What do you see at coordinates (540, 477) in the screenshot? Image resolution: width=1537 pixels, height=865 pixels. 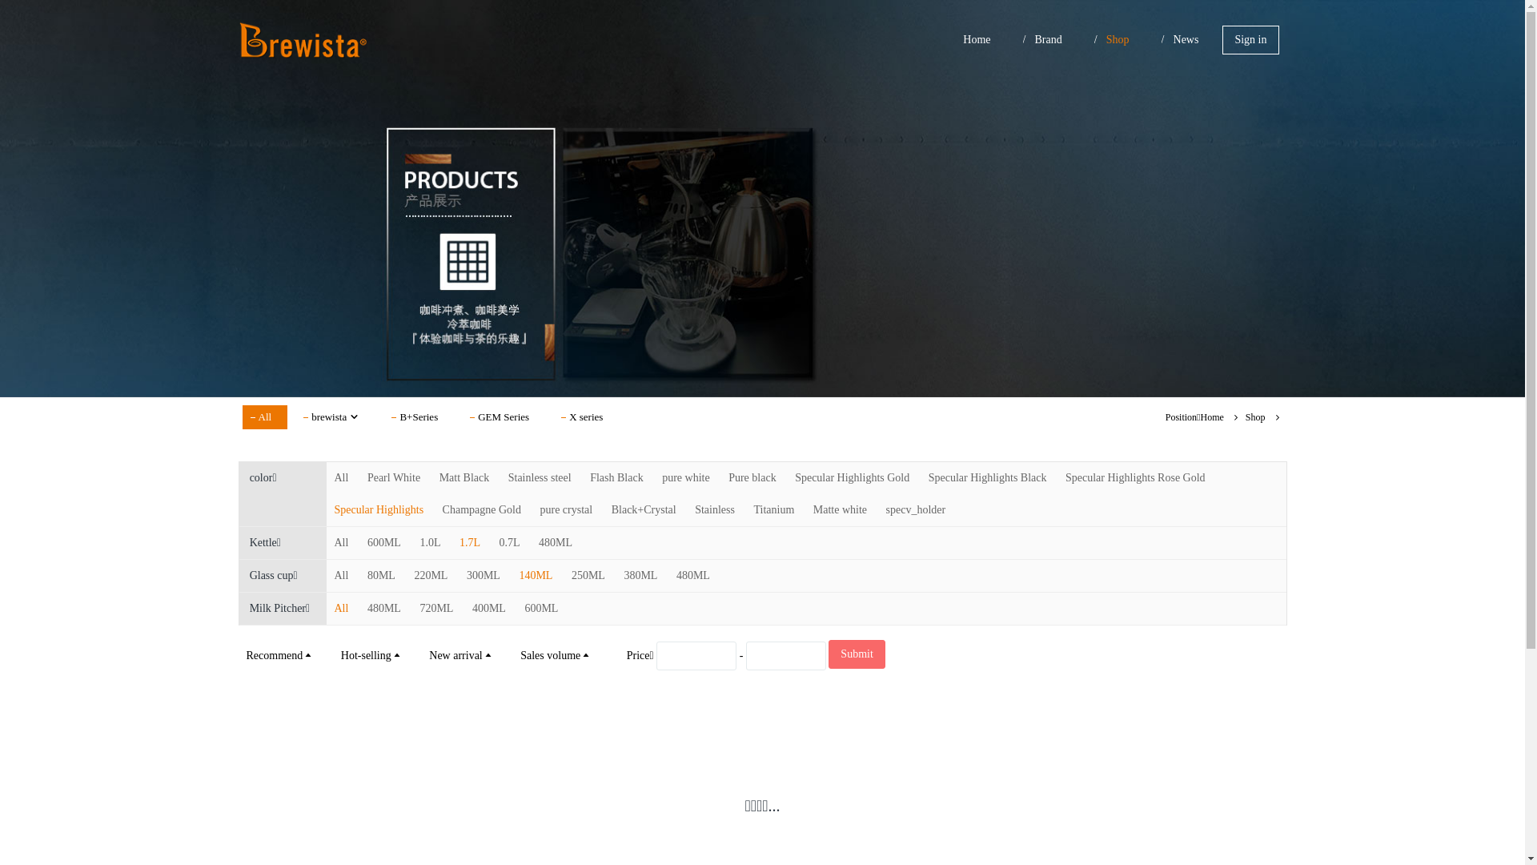 I see `'Stainless steel'` at bounding box center [540, 477].